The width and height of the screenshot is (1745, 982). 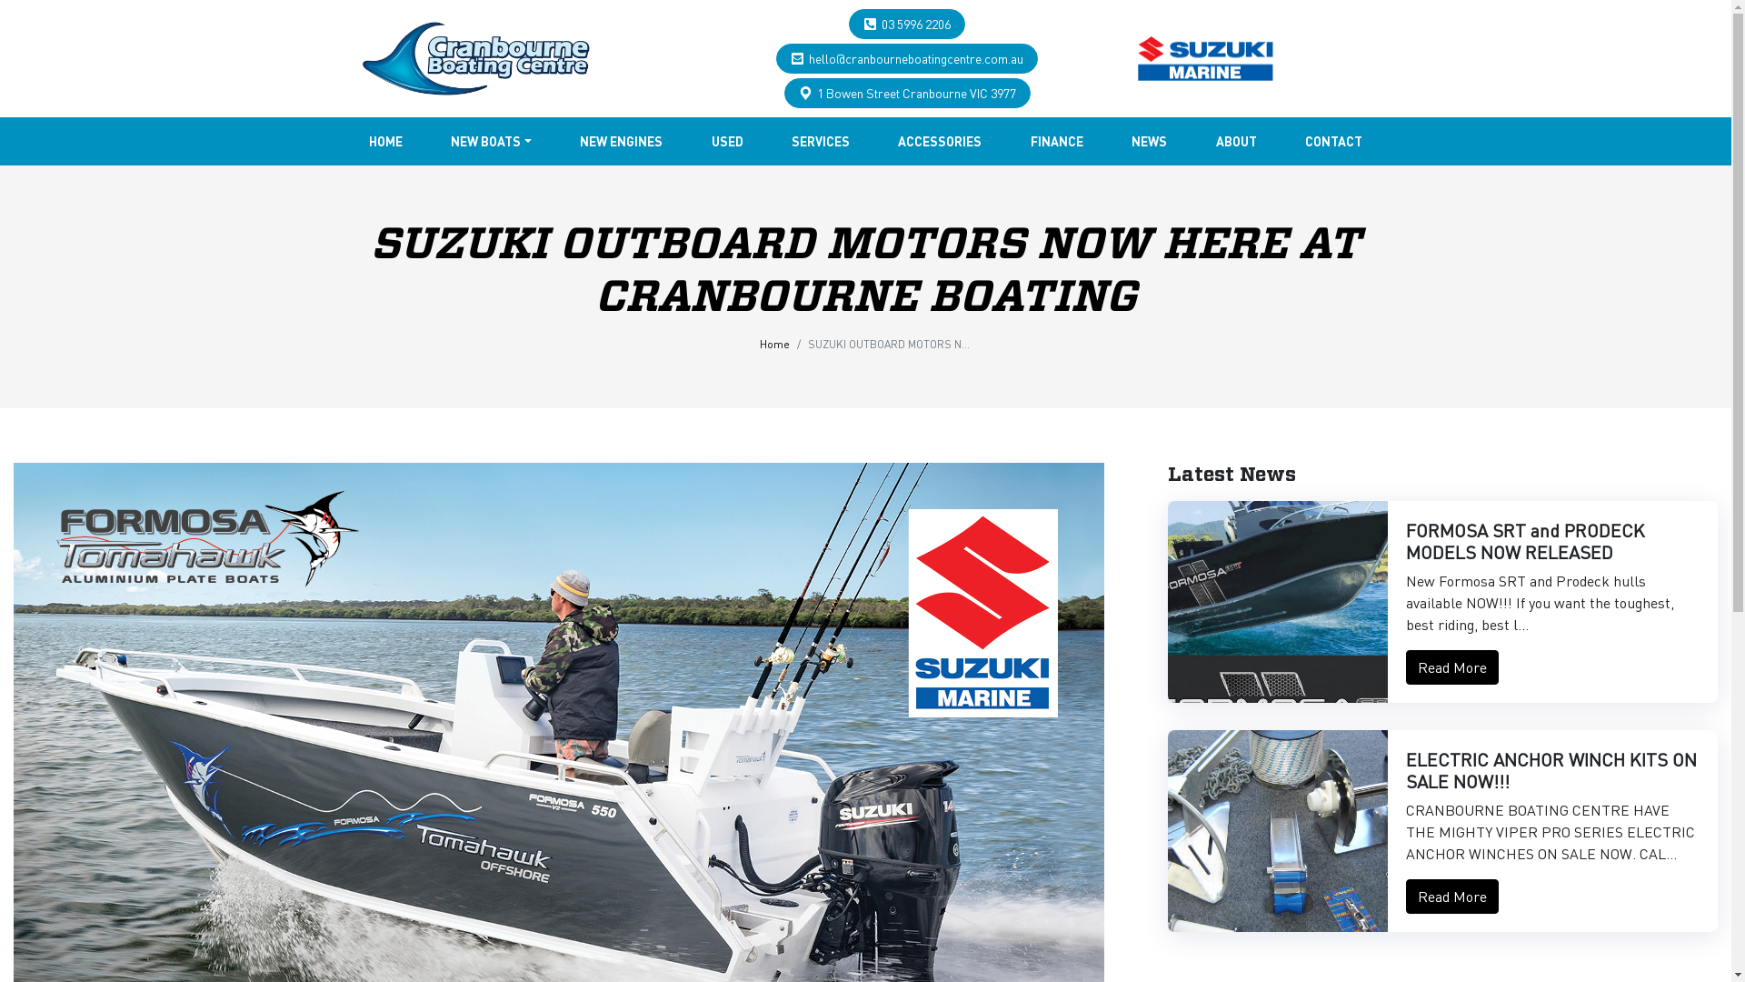 What do you see at coordinates (571, 140) in the screenshot?
I see `'NEW ENGINES'` at bounding box center [571, 140].